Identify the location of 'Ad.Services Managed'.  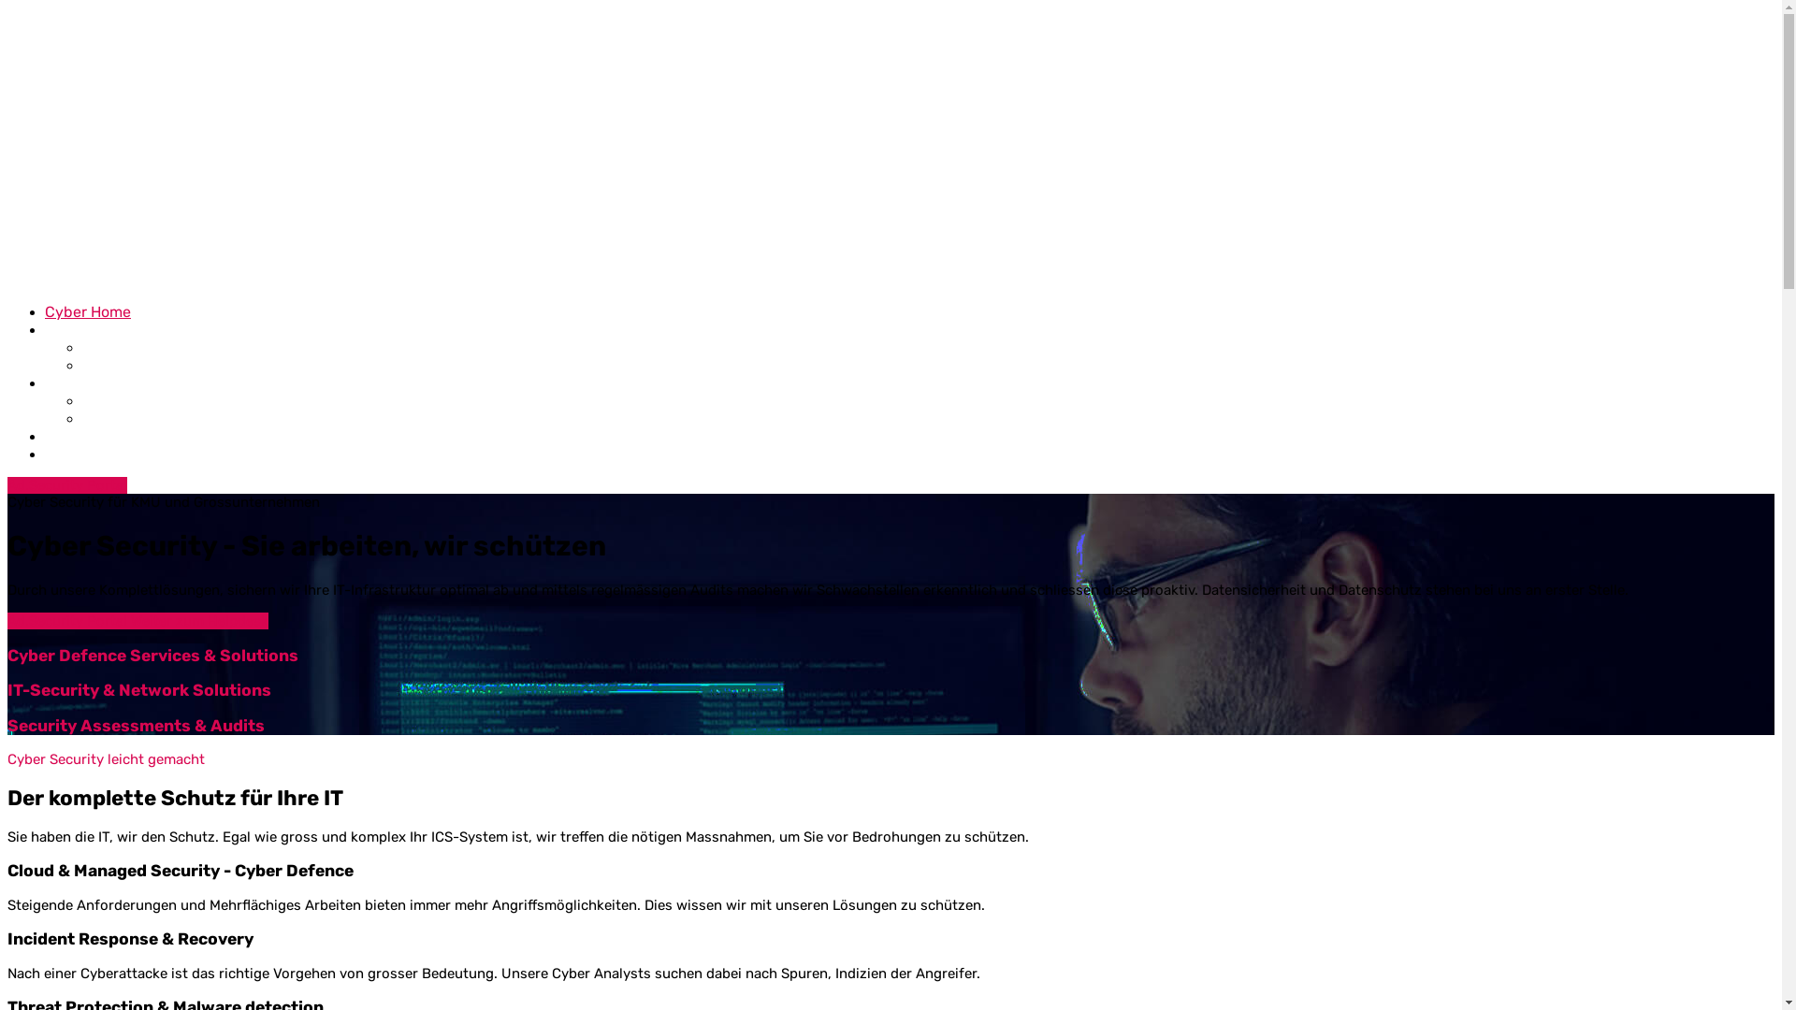
(120, 382).